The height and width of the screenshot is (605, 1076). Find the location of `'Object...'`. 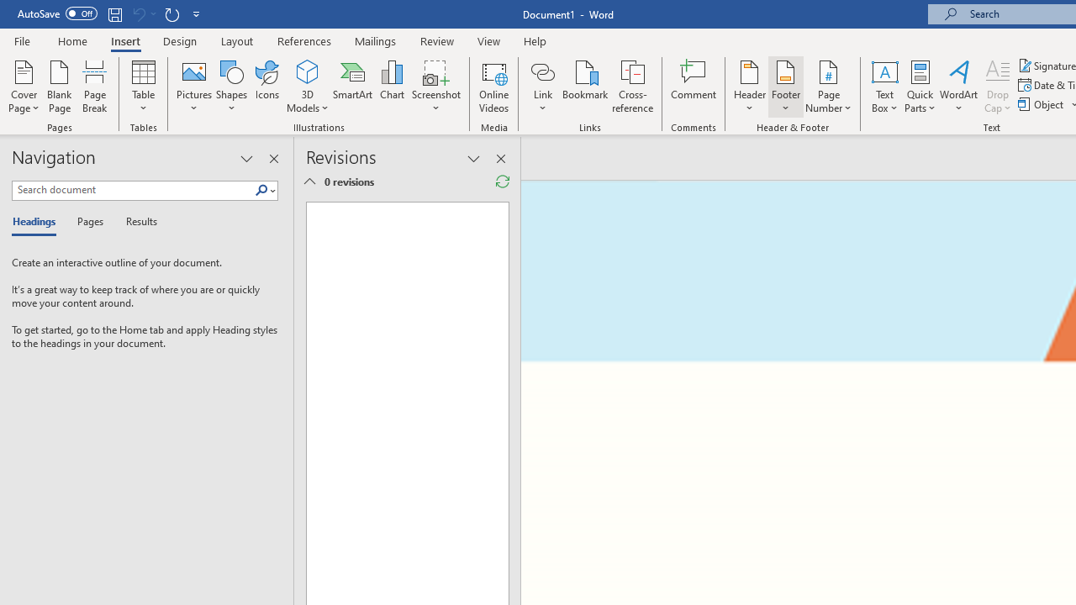

'Object...' is located at coordinates (1042, 104).